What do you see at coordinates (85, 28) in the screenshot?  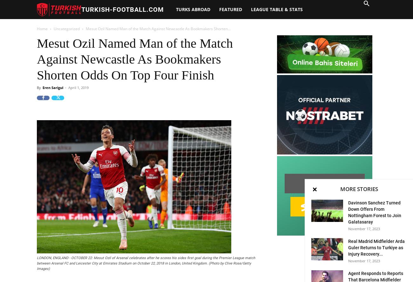 I see `'Mesut Ozil Named Man of the Match Against Newcastle As Bookmakers Shorten...'` at bounding box center [85, 28].